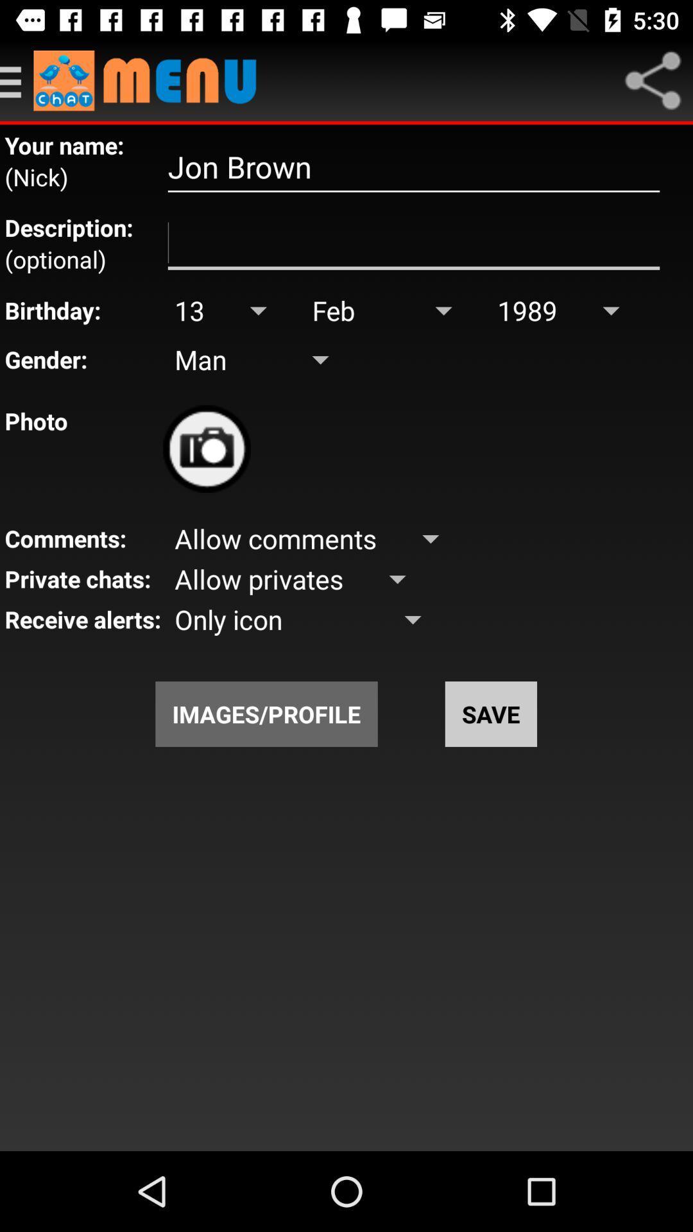  What do you see at coordinates (206, 449) in the screenshot?
I see `a picture` at bounding box center [206, 449].